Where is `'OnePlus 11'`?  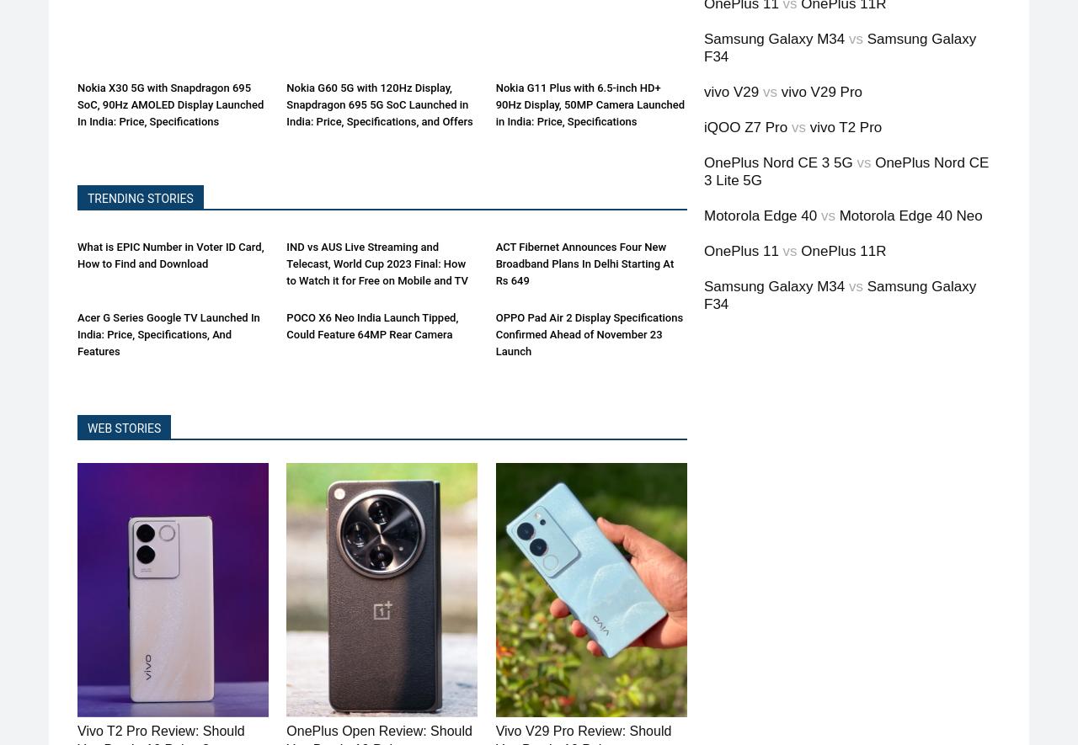
'OnePlus 11' is located at coordinates (741, 250).